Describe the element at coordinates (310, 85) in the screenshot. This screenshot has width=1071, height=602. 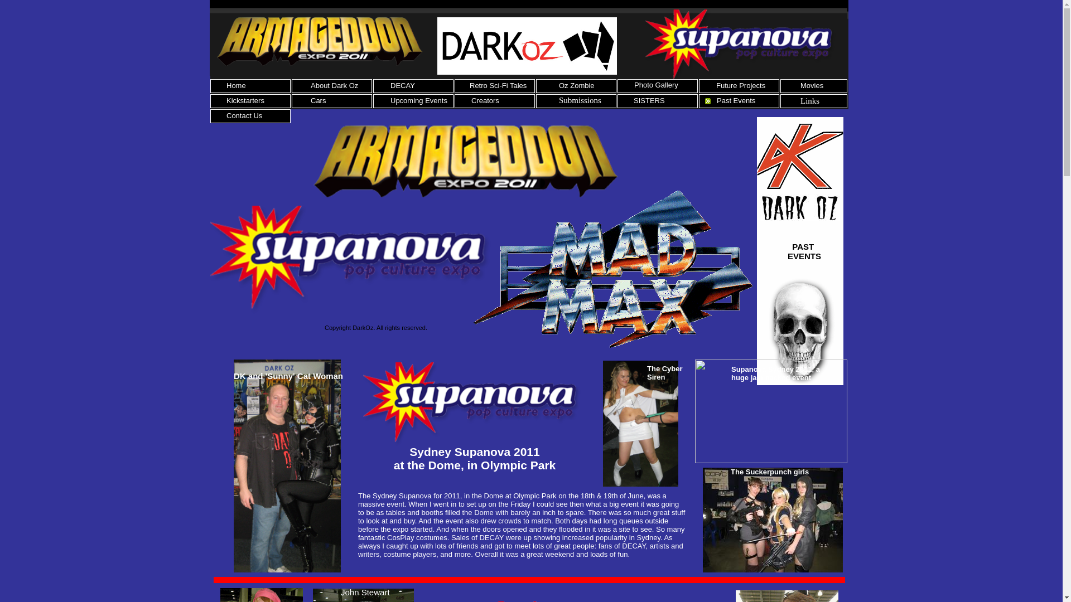
I see `'About Dark Oz'` at that location.